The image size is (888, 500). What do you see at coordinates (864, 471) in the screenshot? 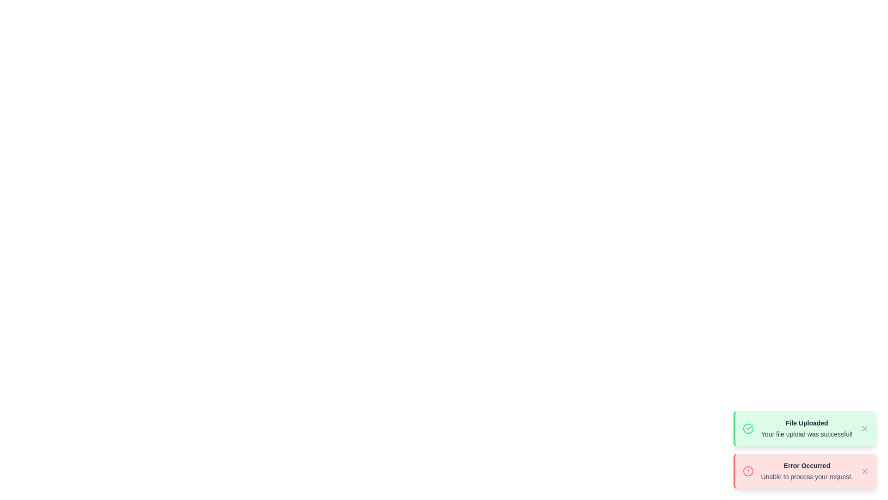
I see `the dismiss button located at the top-right corner of the red notification card labeled 'Error Occurred'` at bounding box center [864, 471].